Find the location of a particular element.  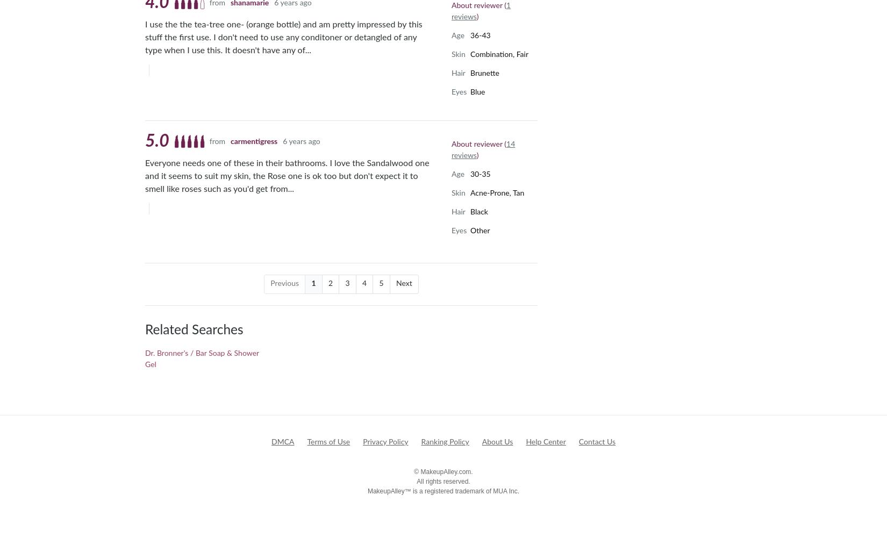

'Acne-prone, Tan' is located at coordinates (470, 192).